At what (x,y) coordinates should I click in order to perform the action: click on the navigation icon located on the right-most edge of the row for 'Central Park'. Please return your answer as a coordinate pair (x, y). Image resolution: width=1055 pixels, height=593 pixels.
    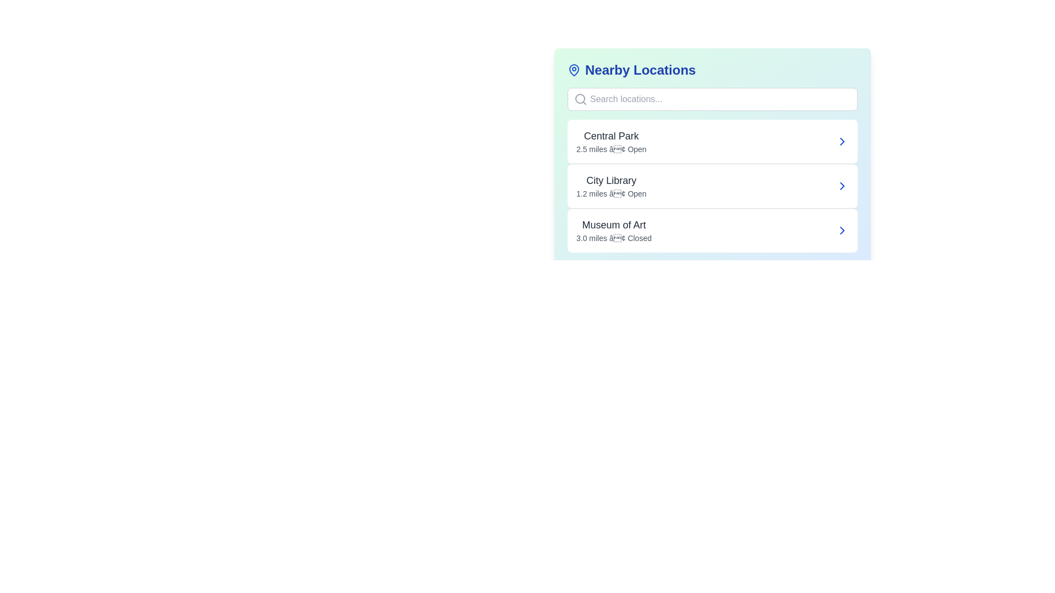
    Looking at the image, I should click on (841, 141).